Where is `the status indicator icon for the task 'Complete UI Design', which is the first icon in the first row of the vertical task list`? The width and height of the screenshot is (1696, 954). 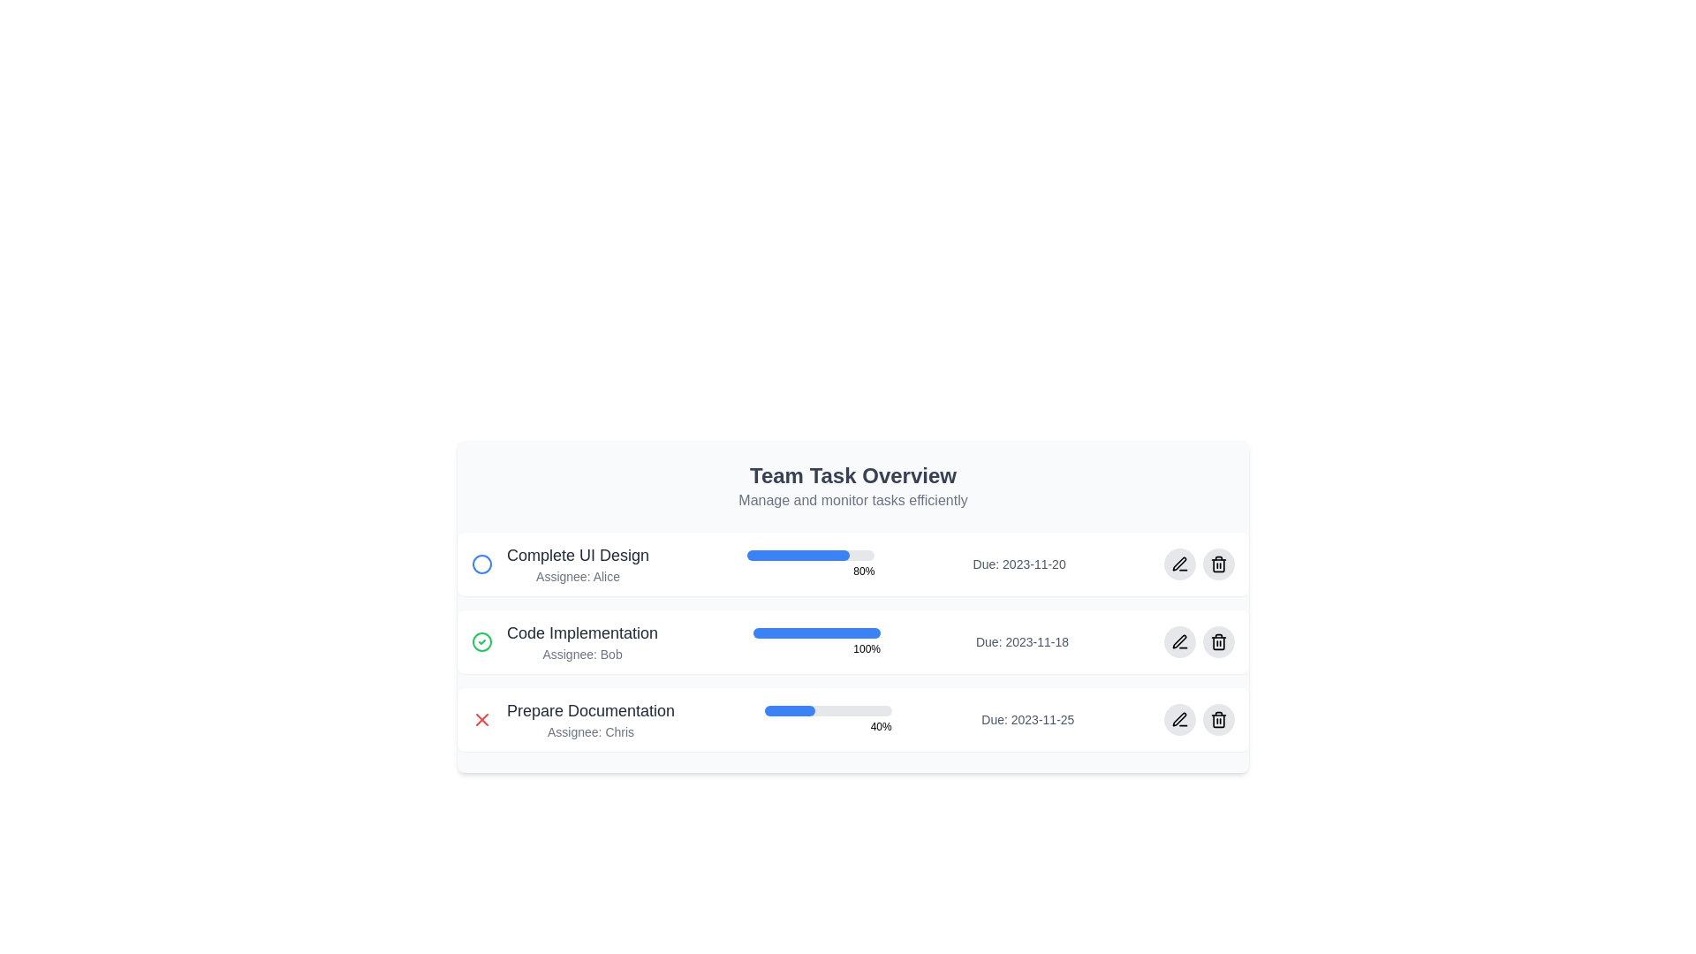 the status indicator icon for the task 'Complete UI Design', which is the first icon in the first row of the vertical task list is located at coordinates (482, 564).